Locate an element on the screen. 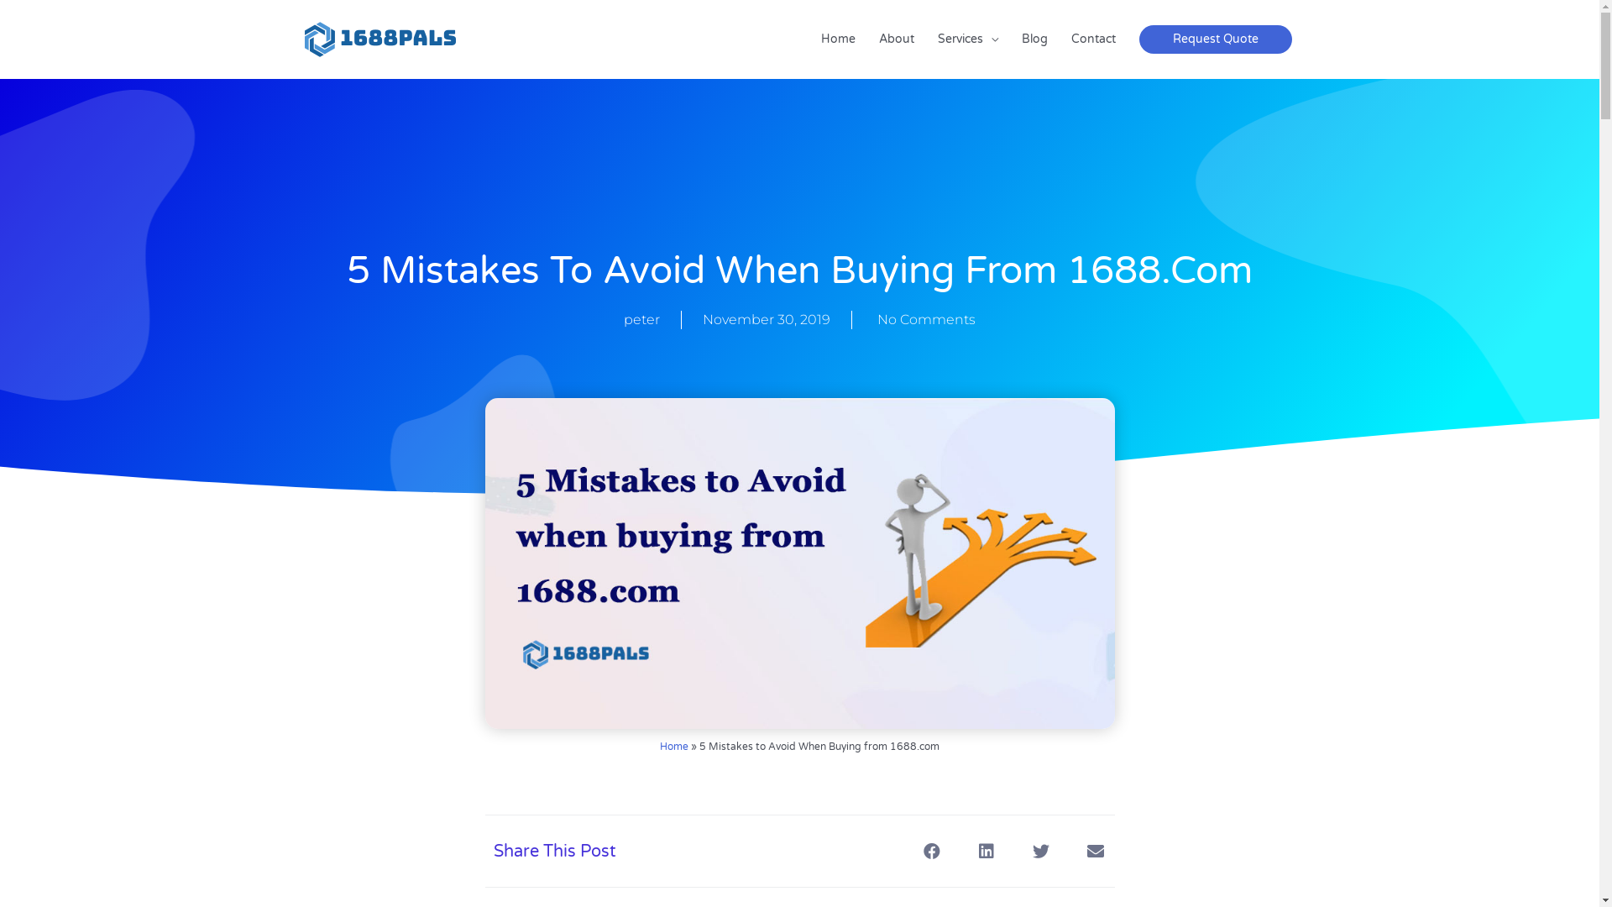  'Contact' is located at coordinates (1093, 38).